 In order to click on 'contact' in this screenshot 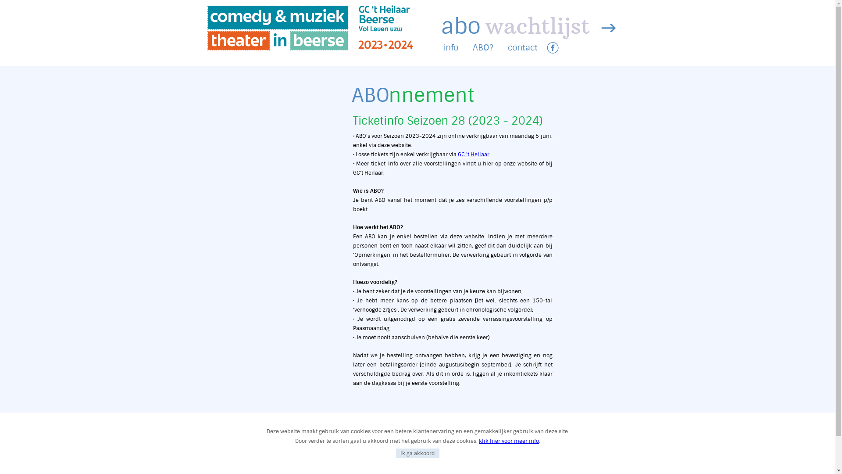, I will do `click(522, 47)`.